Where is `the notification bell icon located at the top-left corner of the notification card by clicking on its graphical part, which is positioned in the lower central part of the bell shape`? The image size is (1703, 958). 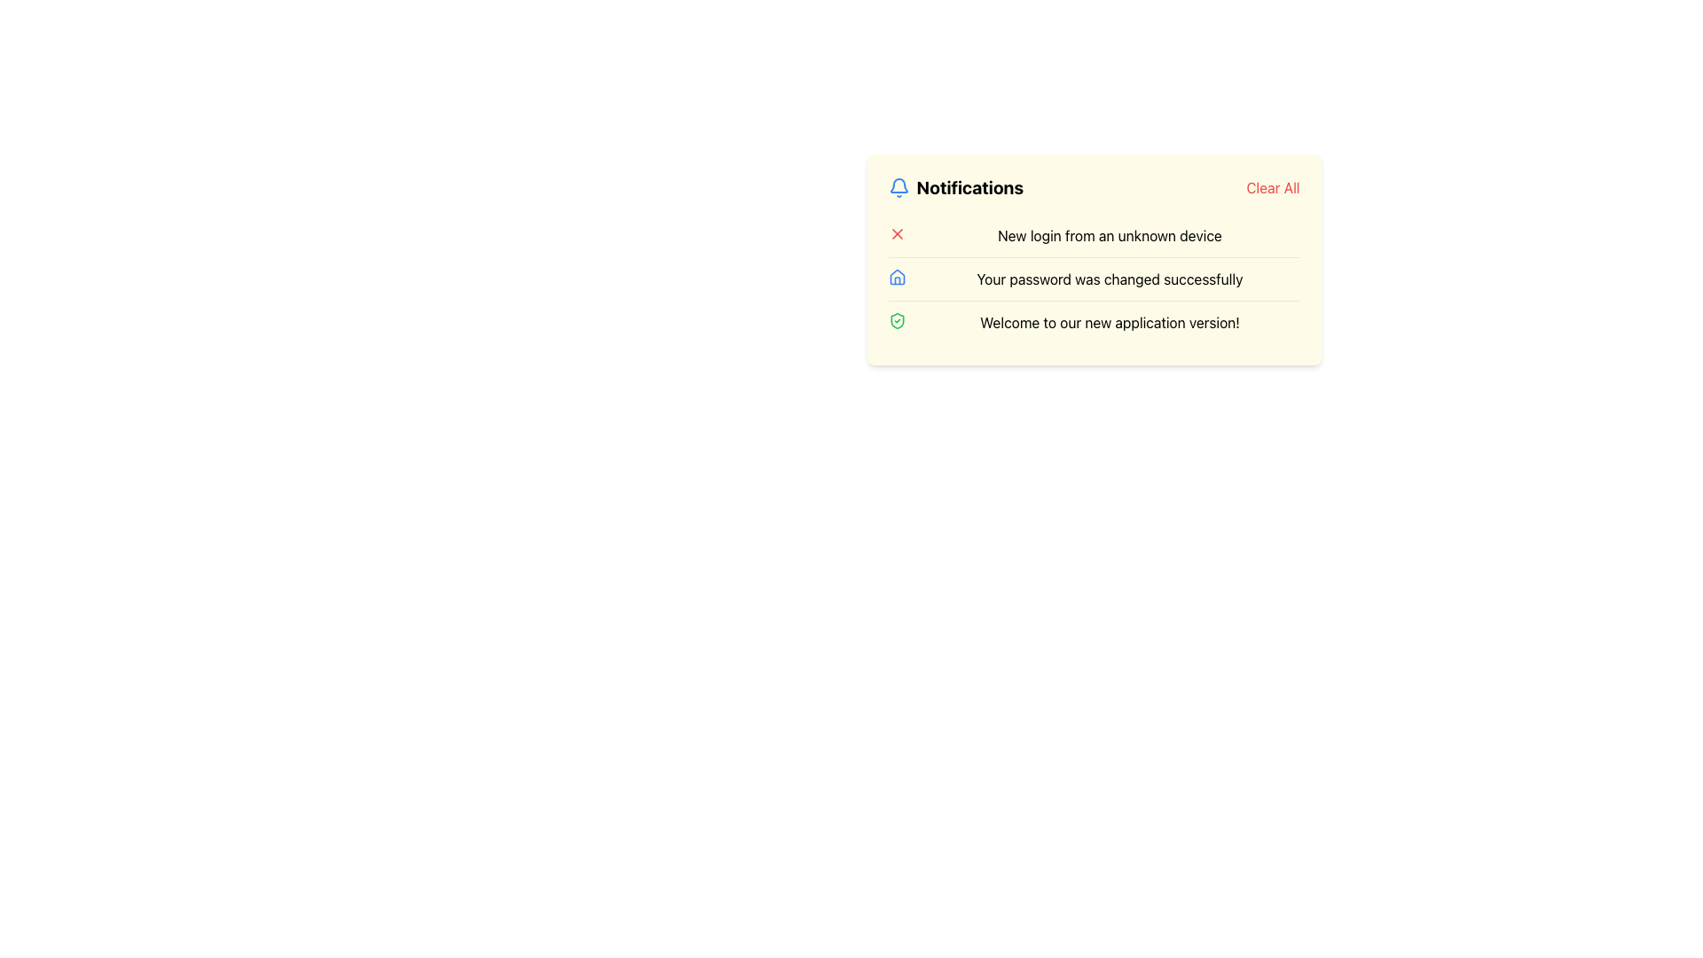
the notification bell icon located at the top-left corner of the notification card by clicking on its graphical part, which is positioned in the lower central part of the bell shape is located at coordinates (899, 185).